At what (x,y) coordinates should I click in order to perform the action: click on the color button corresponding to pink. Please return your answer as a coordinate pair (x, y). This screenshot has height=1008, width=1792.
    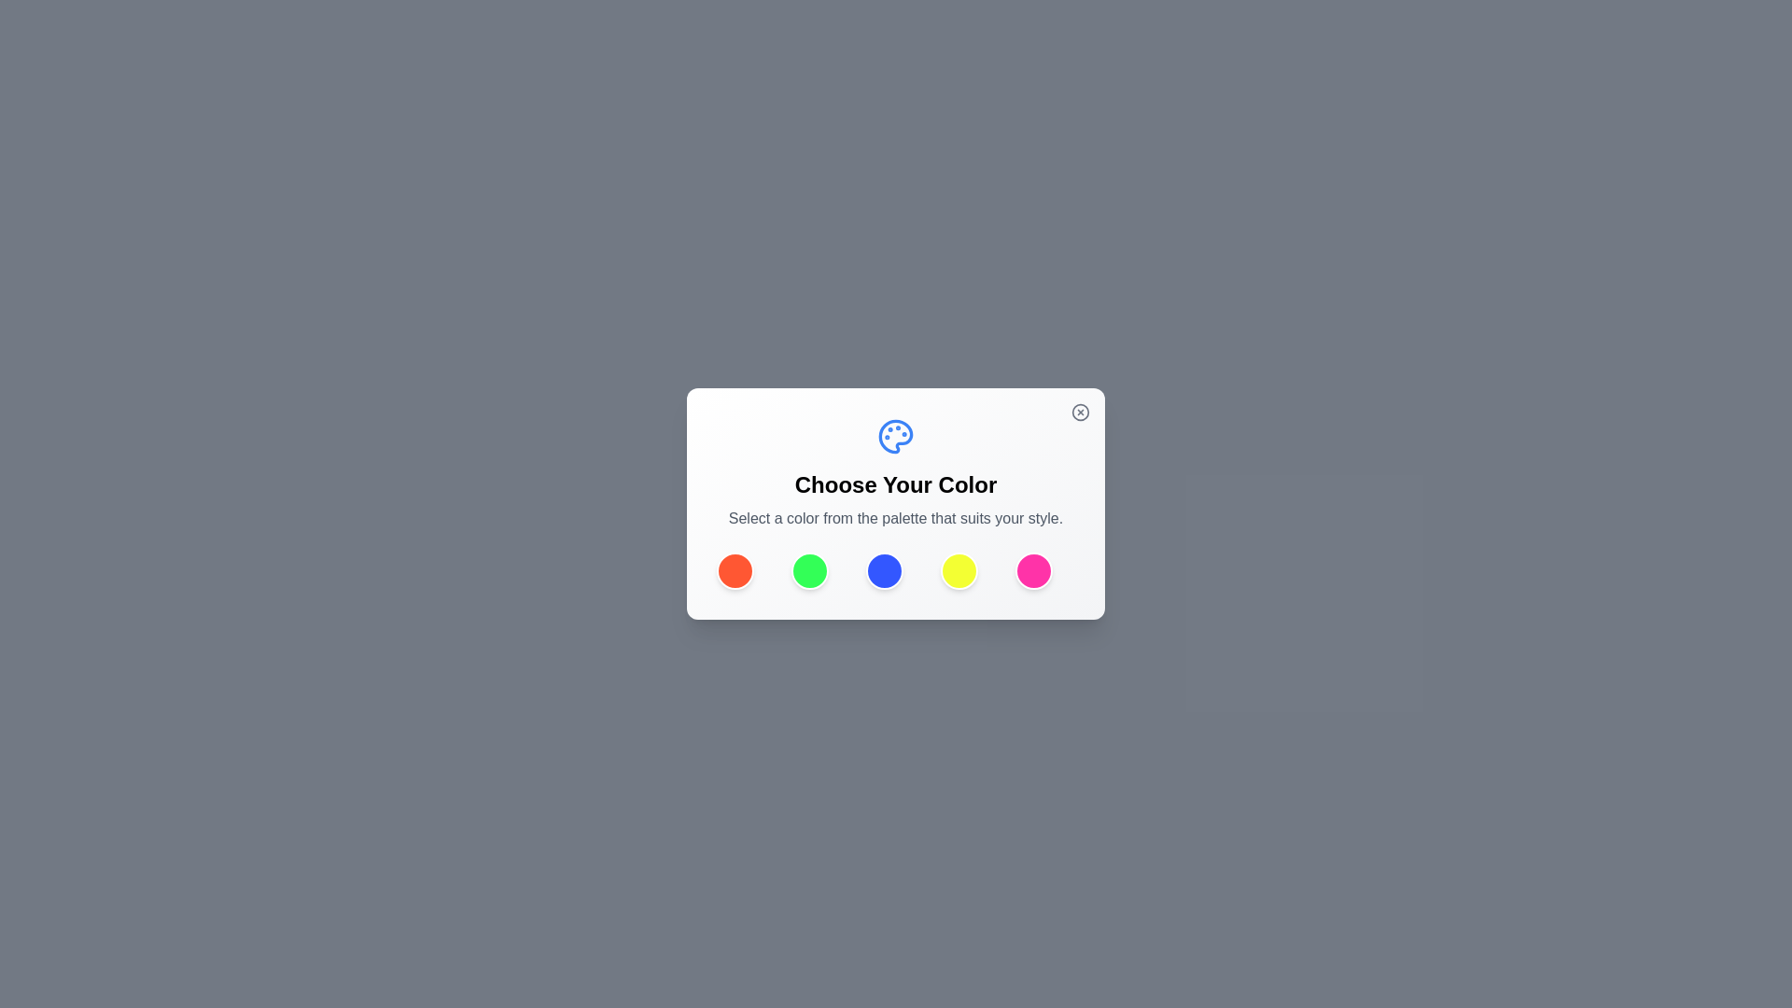
    Looking at the image, I should click on (1033, 570).